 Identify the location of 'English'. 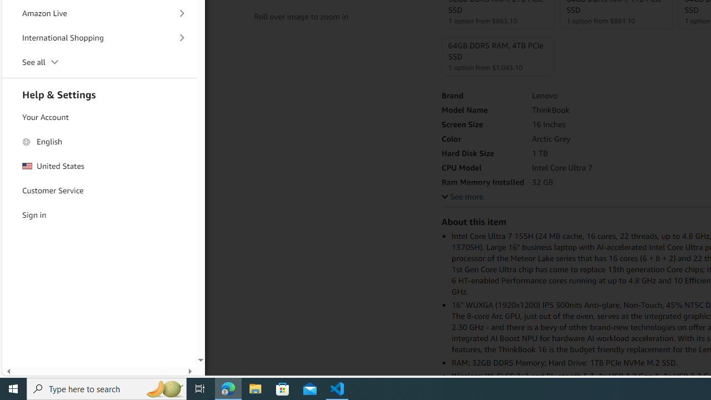
(99, 141).